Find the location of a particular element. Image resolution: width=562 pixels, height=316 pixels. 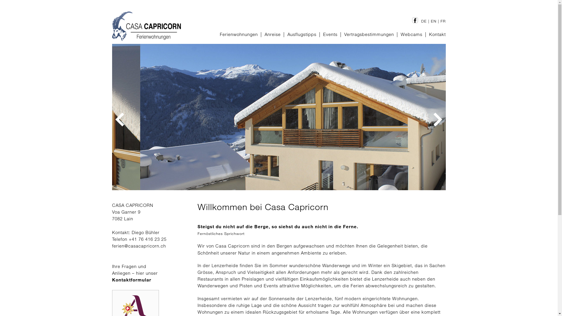

'Kontaktformular' is located at coordinates (131, 279).